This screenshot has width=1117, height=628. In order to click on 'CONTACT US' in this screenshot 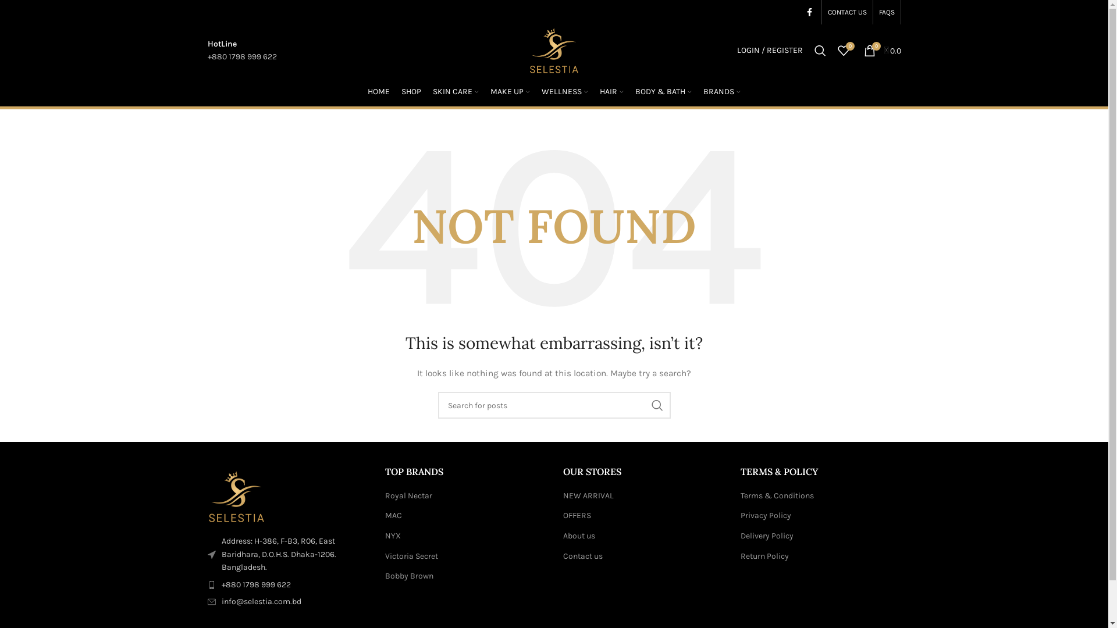, I will do `click(826, 12)`.